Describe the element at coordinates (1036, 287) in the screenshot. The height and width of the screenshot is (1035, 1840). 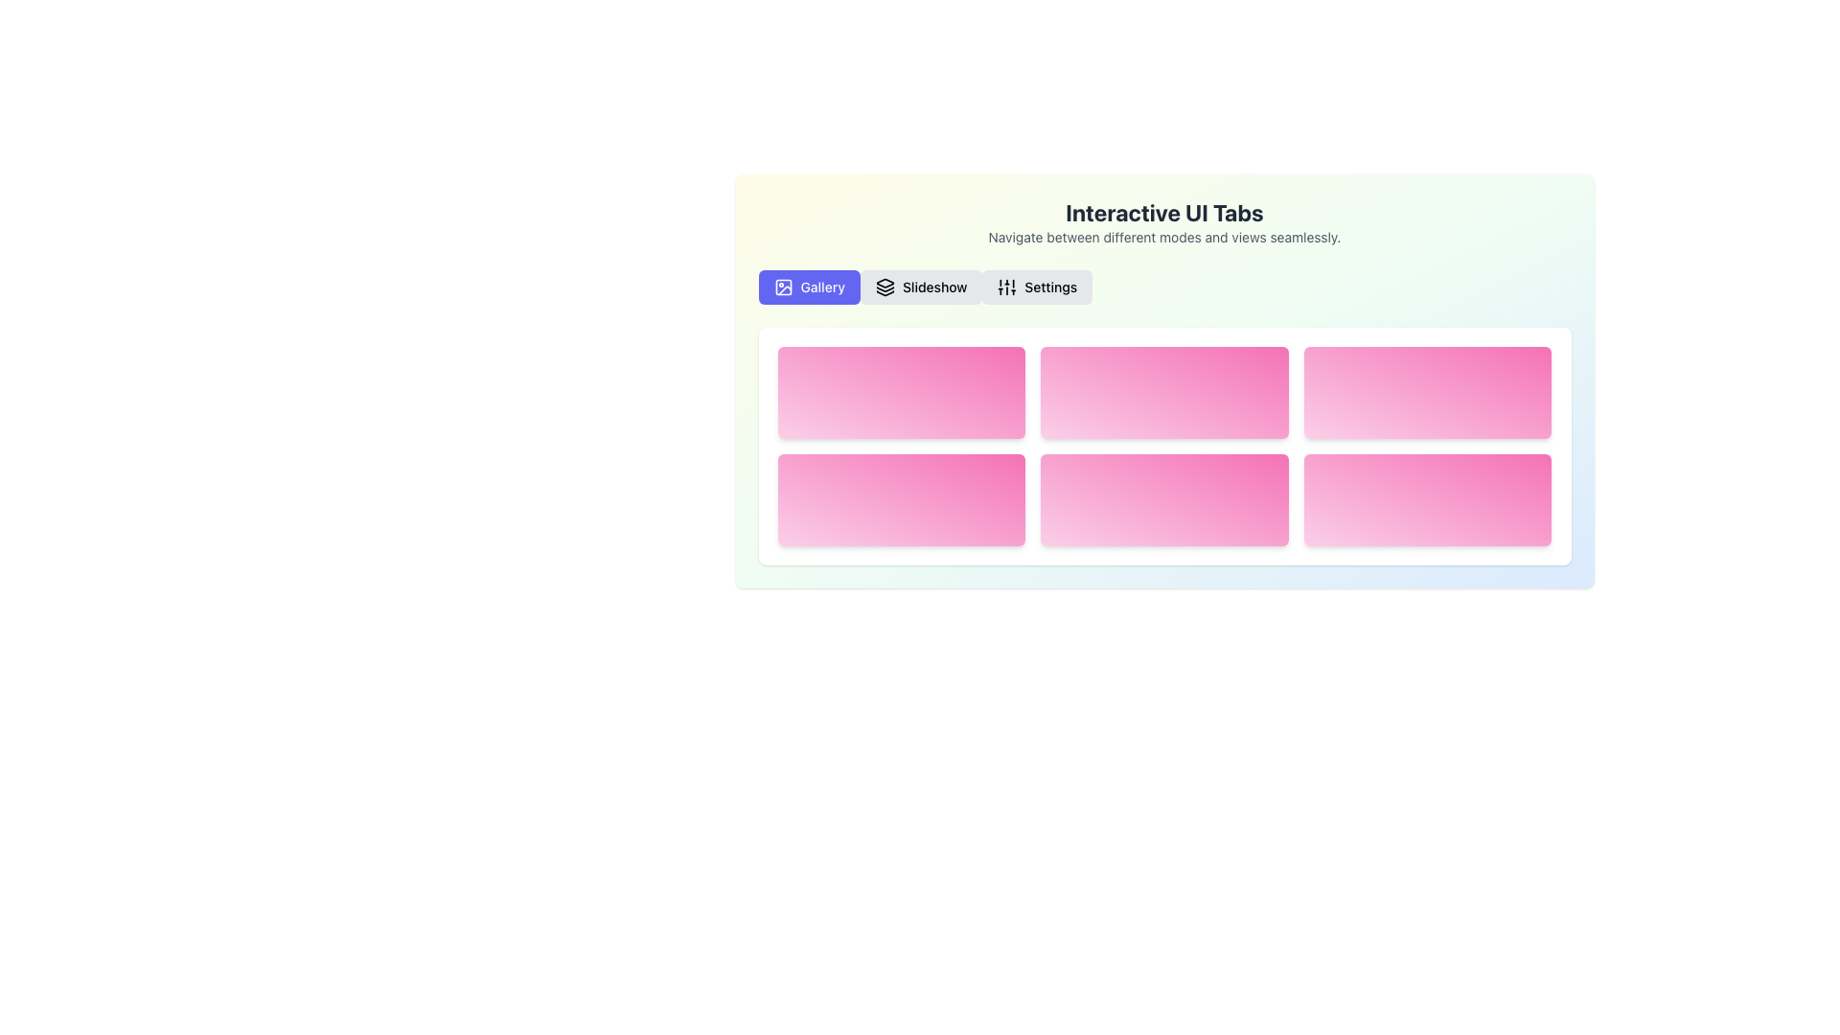
I see `the 'Settings' tab in the navigation bar` at that location.